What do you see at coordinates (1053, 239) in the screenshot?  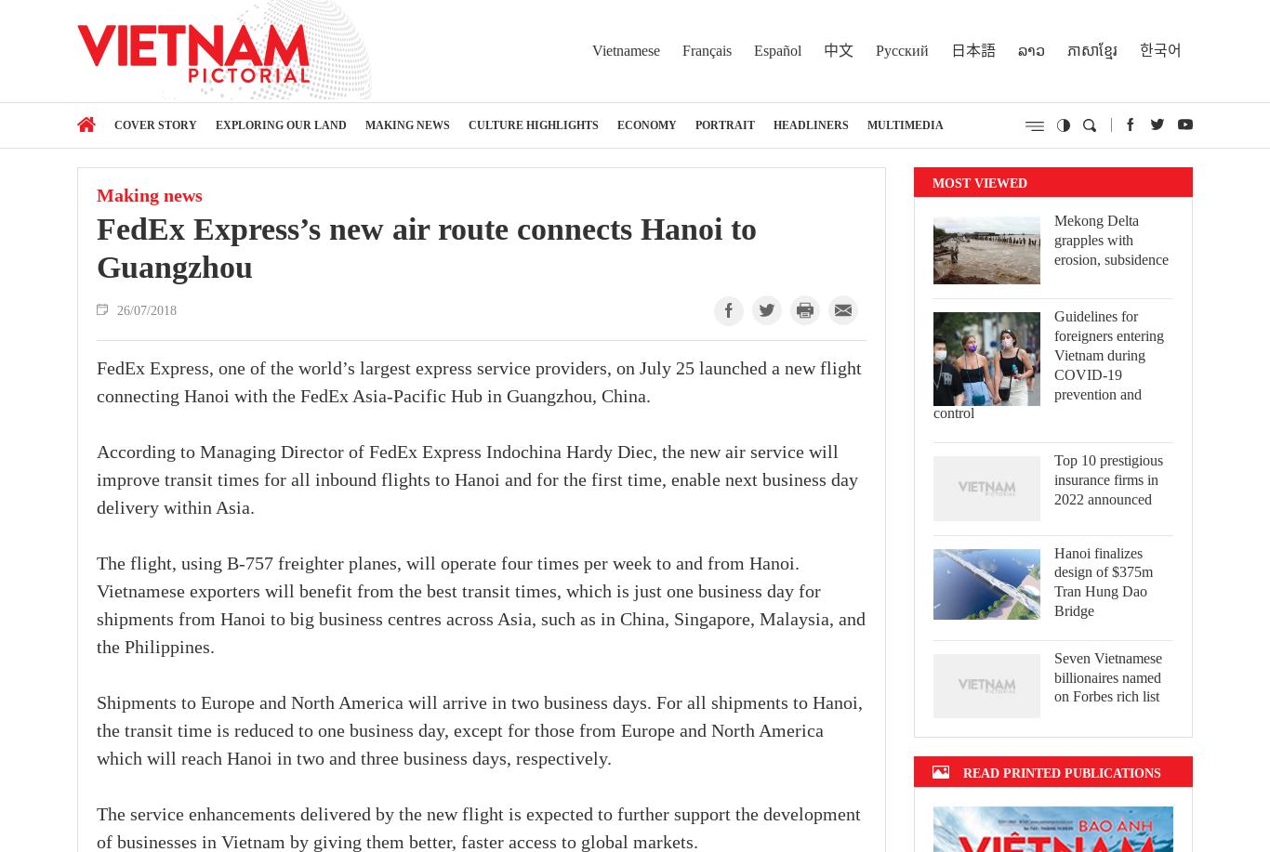 I see `'Mekong Delta grapples with erosion, subsidence'` at bounding box center [1053, 239].